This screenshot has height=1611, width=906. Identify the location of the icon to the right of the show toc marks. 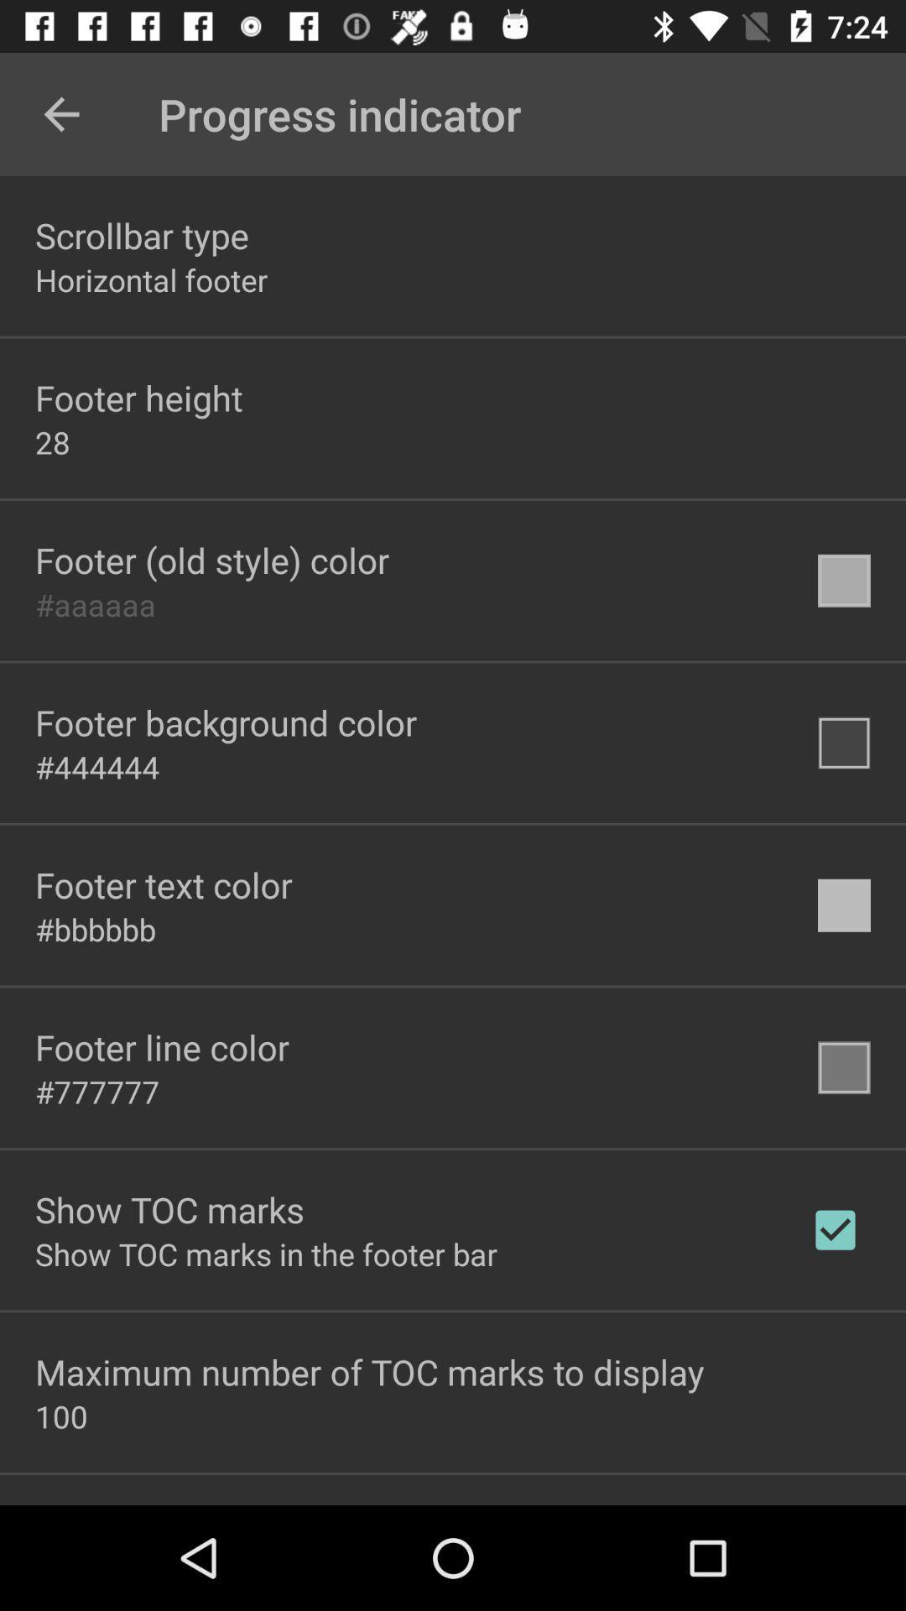
(835, 1230).